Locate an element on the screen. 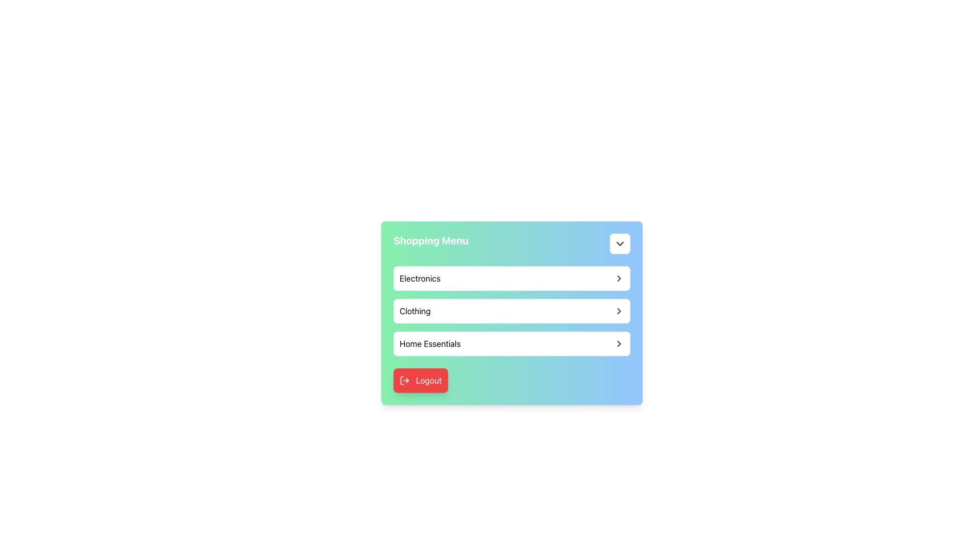  the right-pointing chevron icon positioned to the right of the 'Clothing' list item to receive visual feedback is located at coordinates (619, 310).